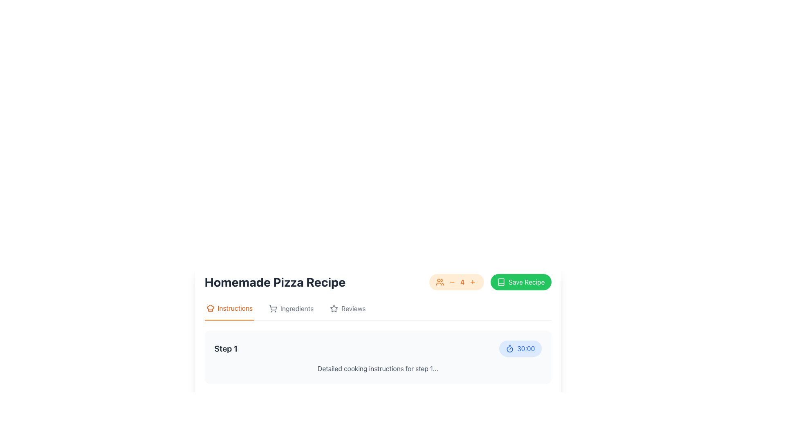 The height and width of the screenshot is (441, 785). I want to click on the 'Reviews' icon by moving the cursor to its center point to highlight it, so click(334, 309).